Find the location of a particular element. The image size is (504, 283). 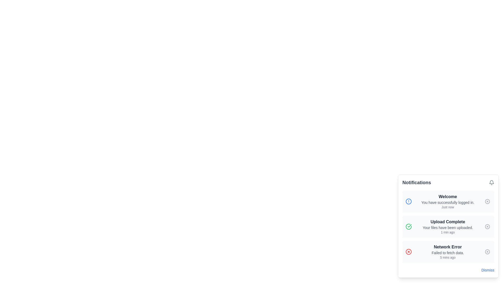

the graphical icon (circle component) that serves as a visual indicator for an error or critical notification, located next to the 'Network Error' notification text in the notifications panel is located at coordinates (408, 251).